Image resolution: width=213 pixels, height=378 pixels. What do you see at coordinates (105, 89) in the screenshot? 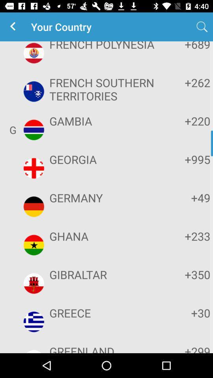
I see `app above gambia` at bounding box center [105, 89].